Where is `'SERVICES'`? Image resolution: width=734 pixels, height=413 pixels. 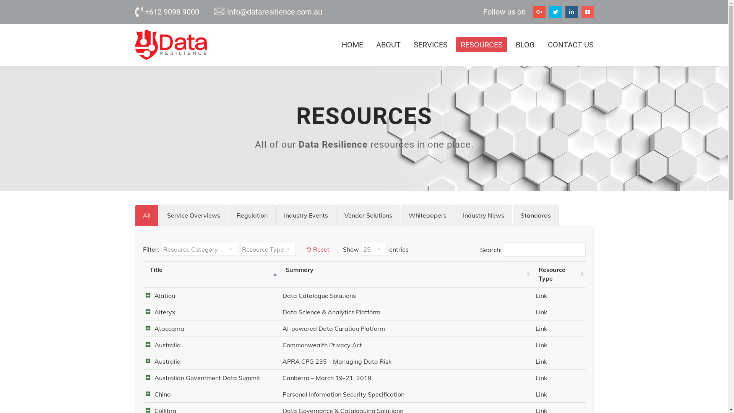 'SERVICES' is located at coordinates (409, 44).